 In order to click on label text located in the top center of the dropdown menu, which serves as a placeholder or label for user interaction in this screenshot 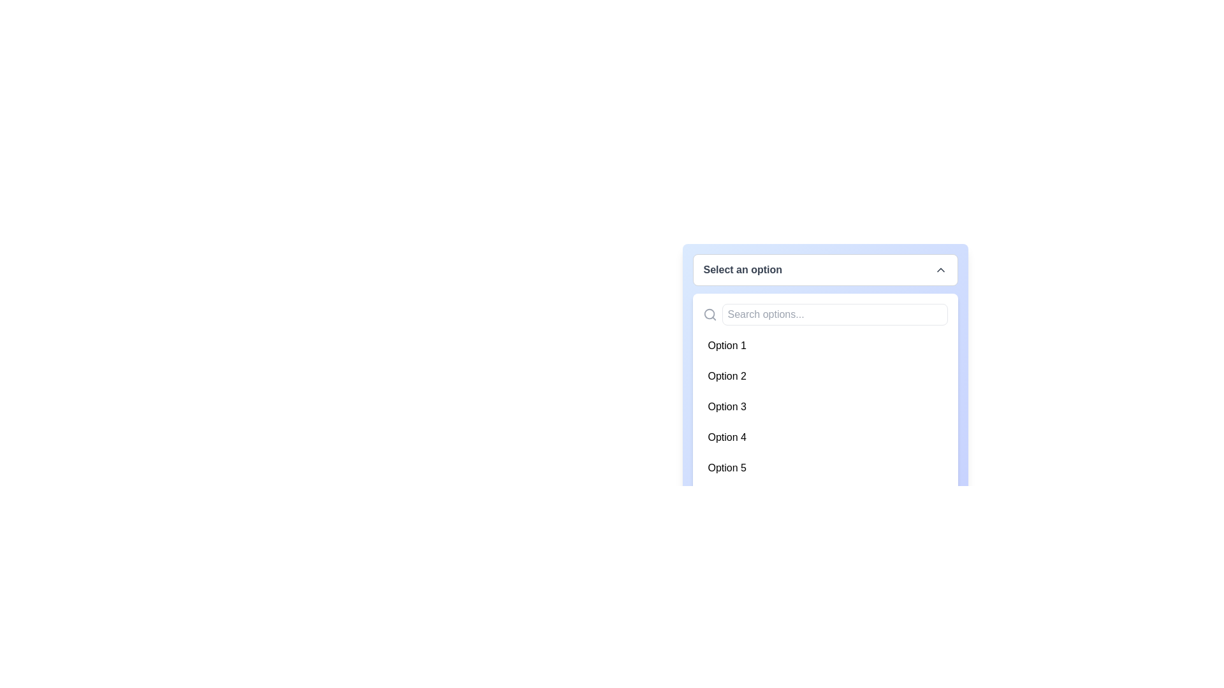, I will do `click(743, 269)`.